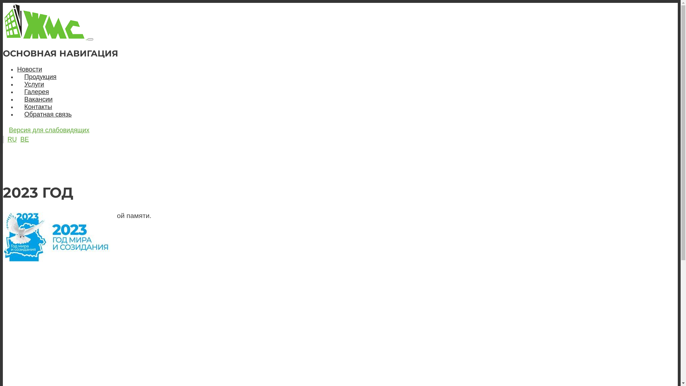 This screenshot has width=686, height=386. What do you see at coordinates (24, 139) in the screenshot?
I see `'BE'` at bounding box center [24, 139].